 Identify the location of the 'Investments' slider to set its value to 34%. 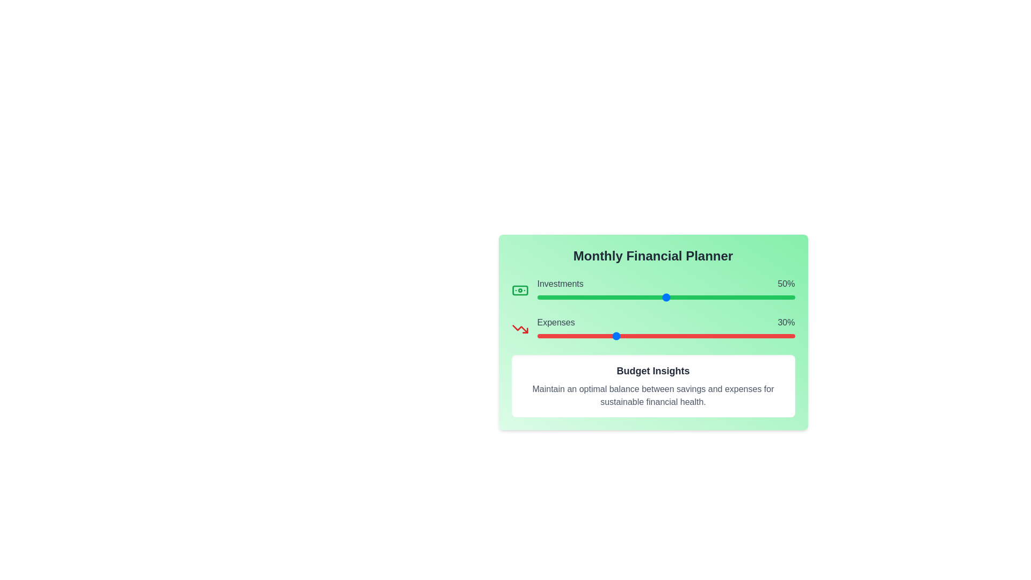
(625, 298).